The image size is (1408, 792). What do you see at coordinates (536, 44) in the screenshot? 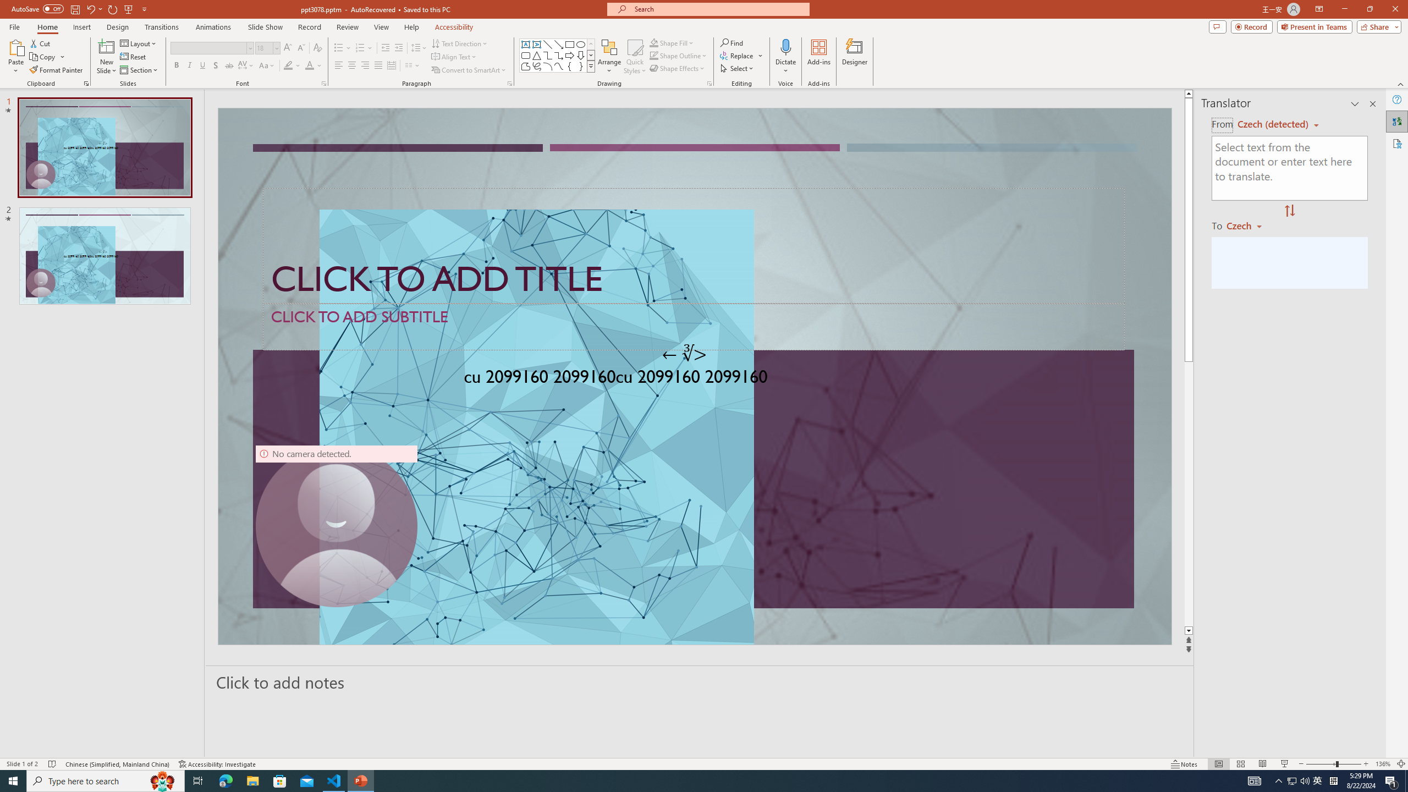
I see `'Vertical Text Box'` at bounding box center [536, 44].